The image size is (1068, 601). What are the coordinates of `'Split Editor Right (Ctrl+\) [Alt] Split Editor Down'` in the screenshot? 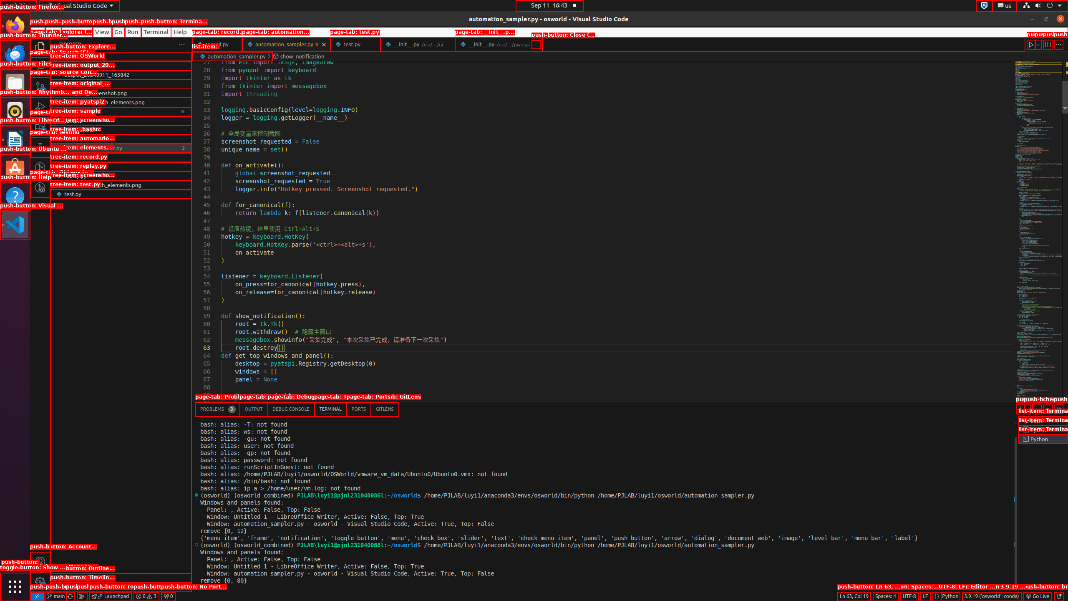 It's located at (1048, 44).